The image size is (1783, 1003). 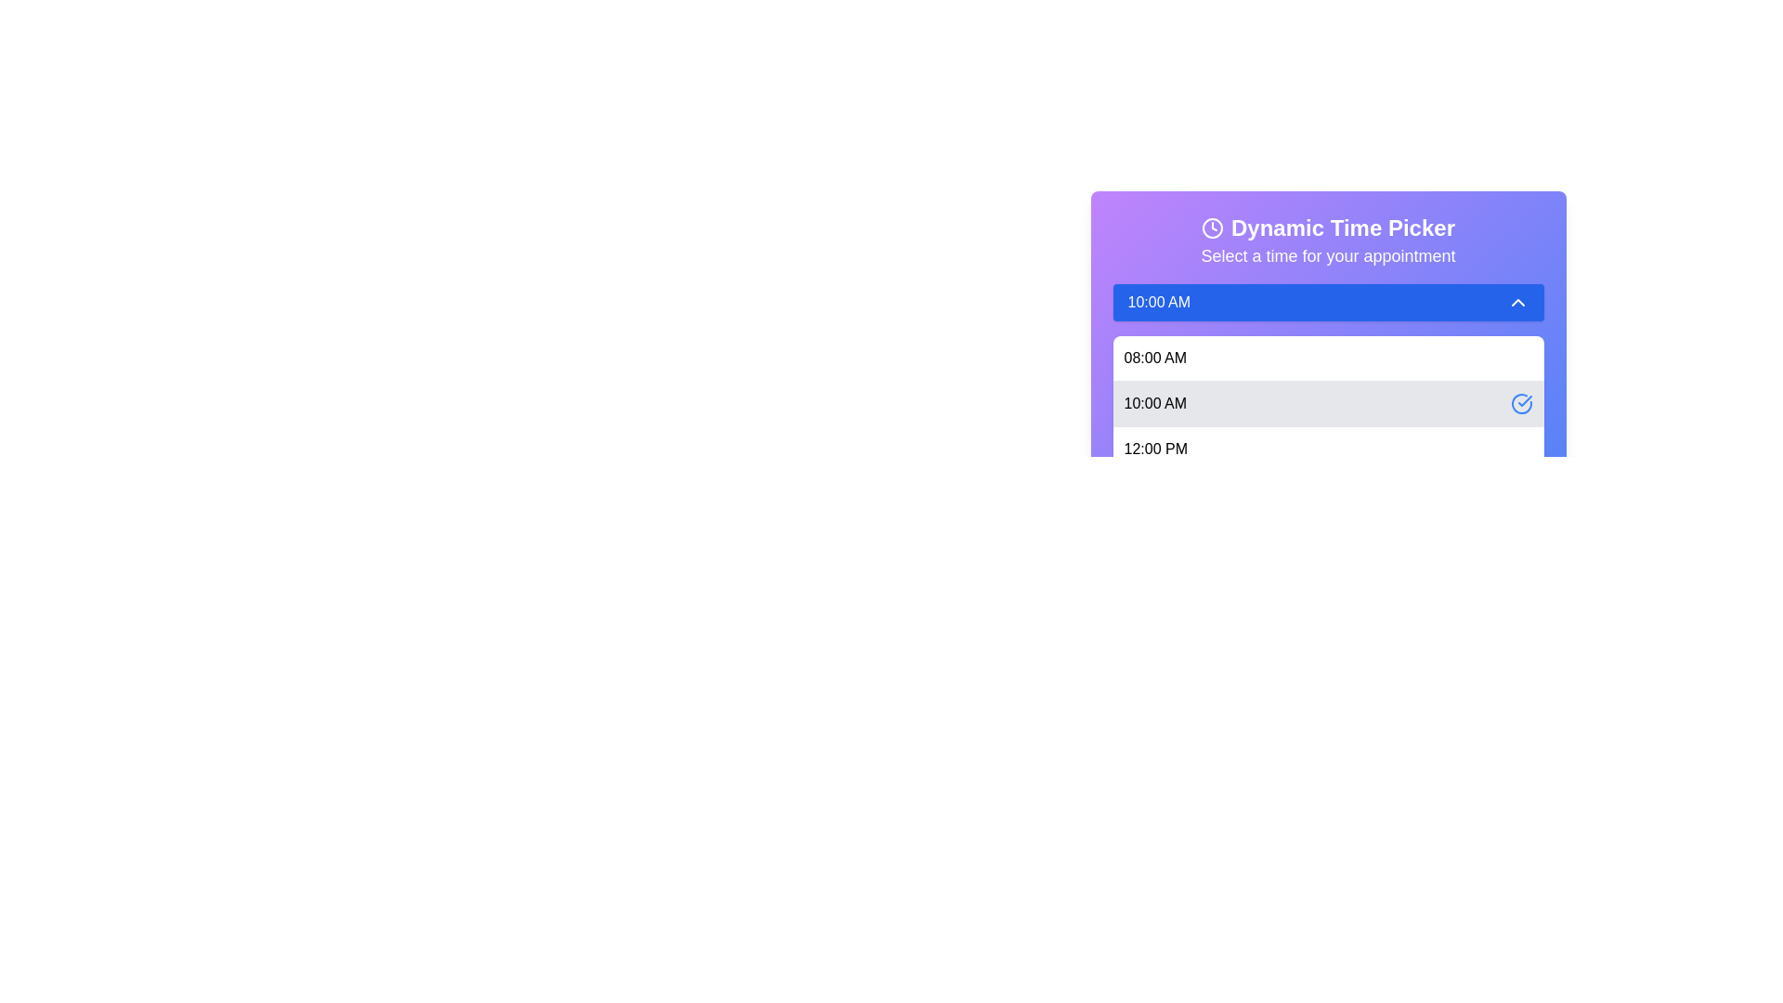 What do you see at coordinates (1327, 296) in the screenshot?
I see `the Dropdown menu located below the 'Dynamic Time Picker' title` at bounding box center [1327, 296].